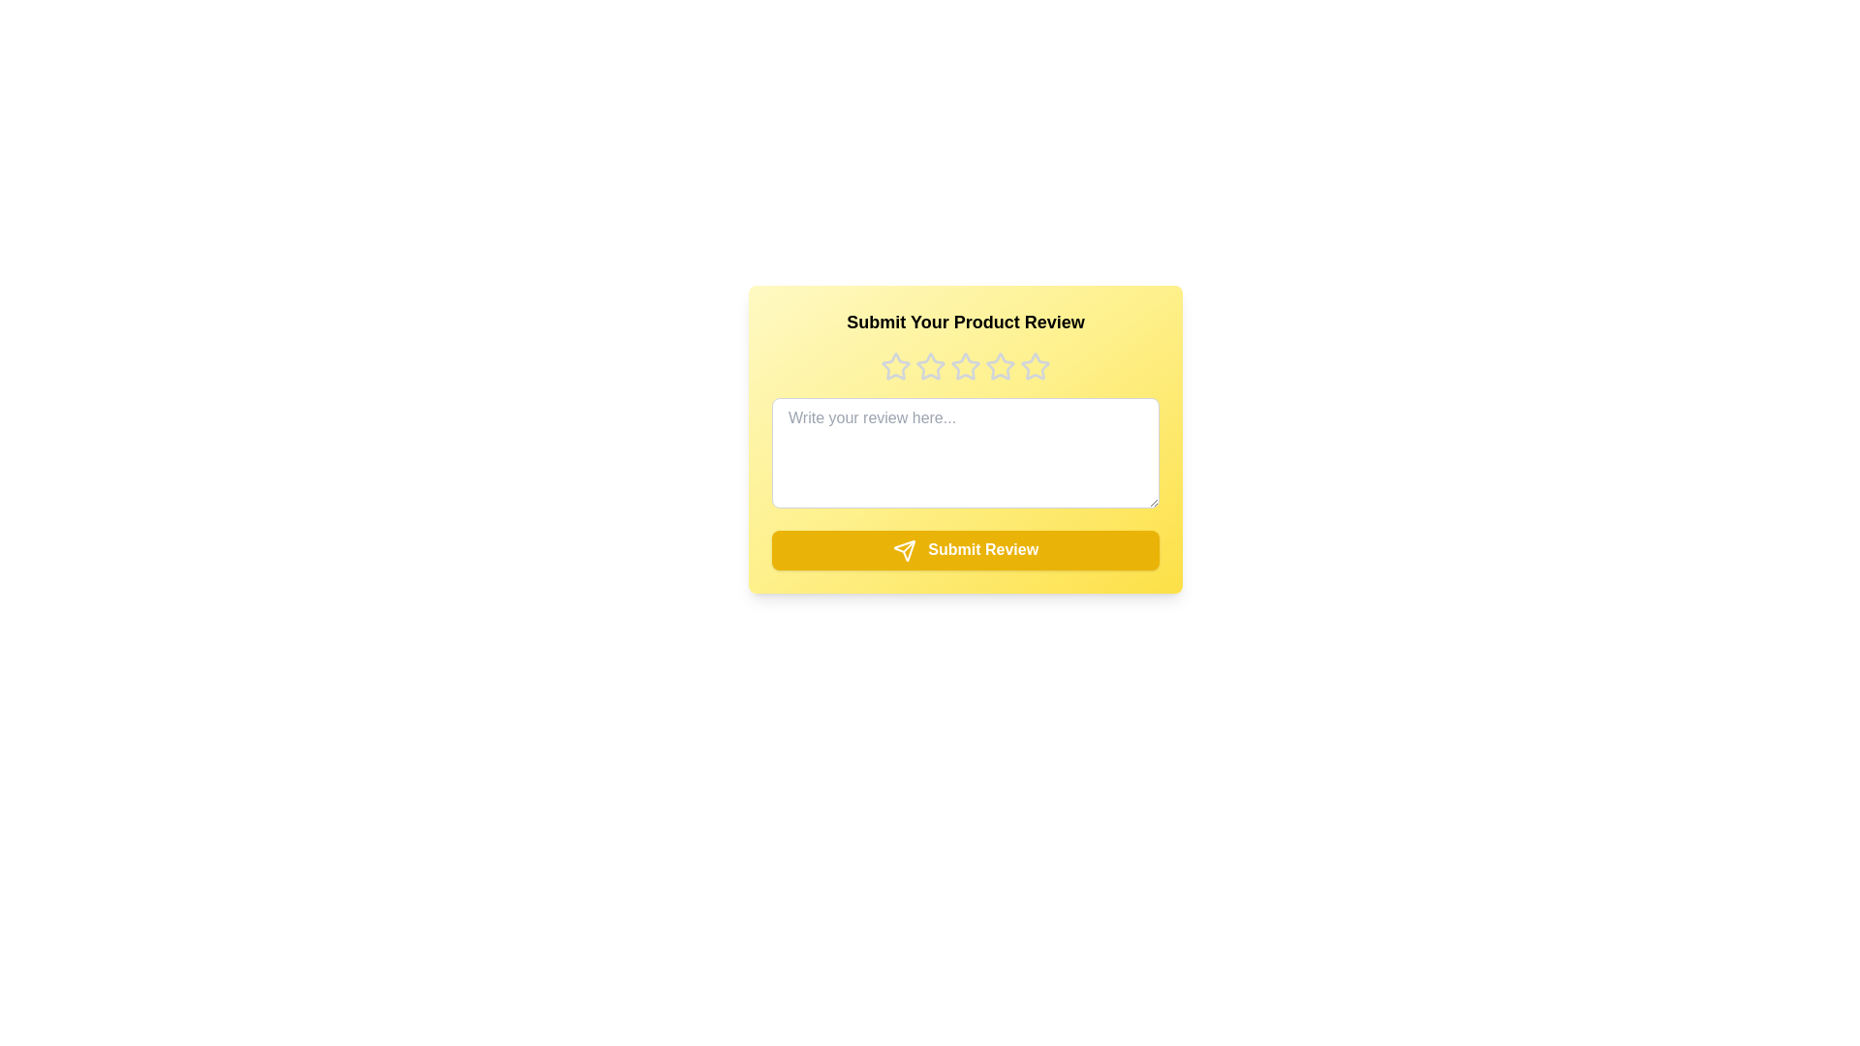  I want to click on the triangular-shaped send icon with a white outline located on the left side of the yellow 'Submit Review' button, so click(903, 550).